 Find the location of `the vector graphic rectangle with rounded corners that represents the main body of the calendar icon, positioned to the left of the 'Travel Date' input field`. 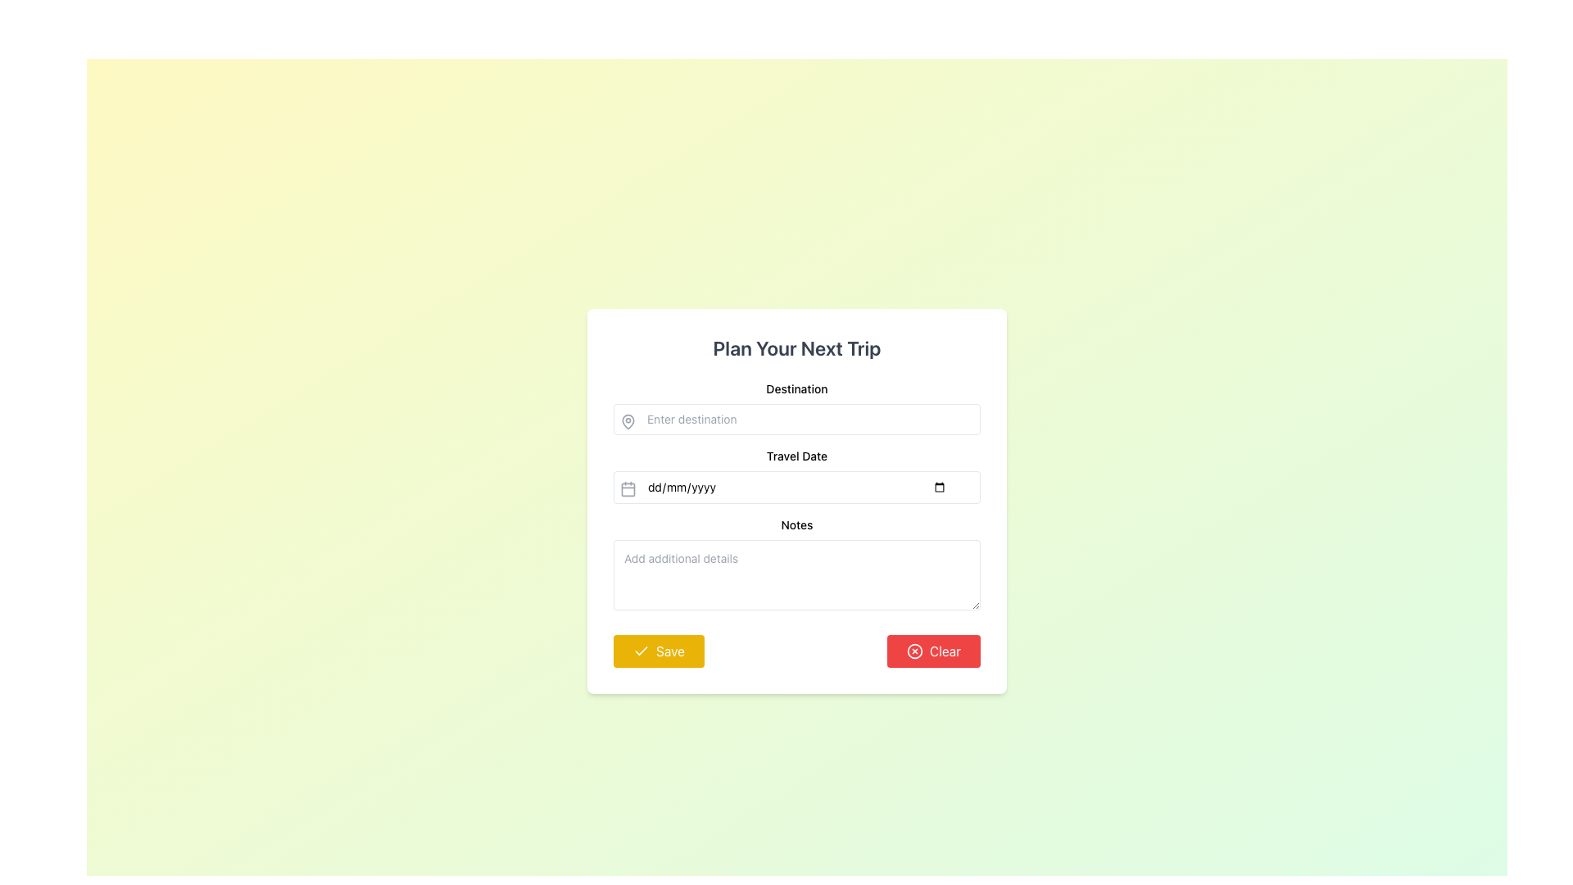

the vector graphic rectangle with rounded corners that represents the main body of the calendar icon, positioned to the left of the 'Travel Date' input field is located at coordinates (628, 488).